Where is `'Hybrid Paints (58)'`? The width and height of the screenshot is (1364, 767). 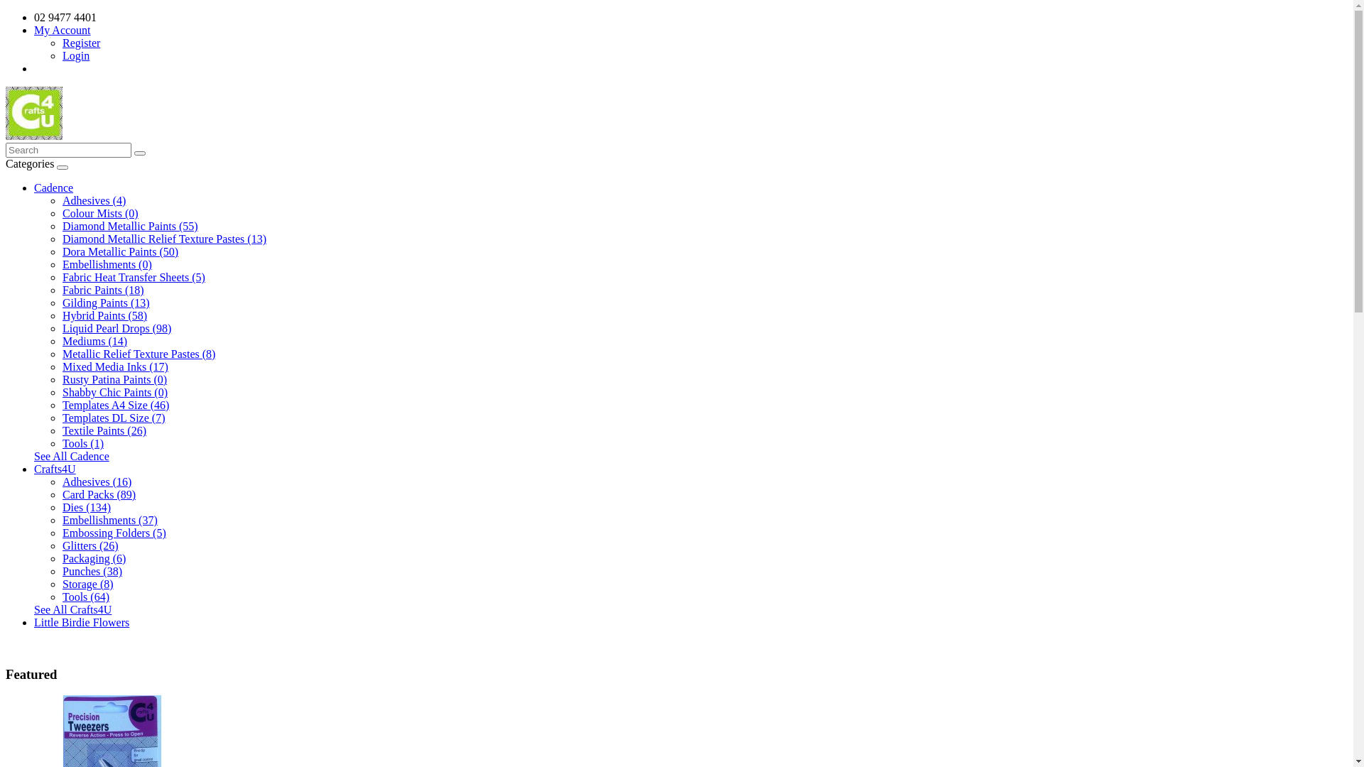 'Hybrid Paints (58)' is located at coordinates (61, 315).